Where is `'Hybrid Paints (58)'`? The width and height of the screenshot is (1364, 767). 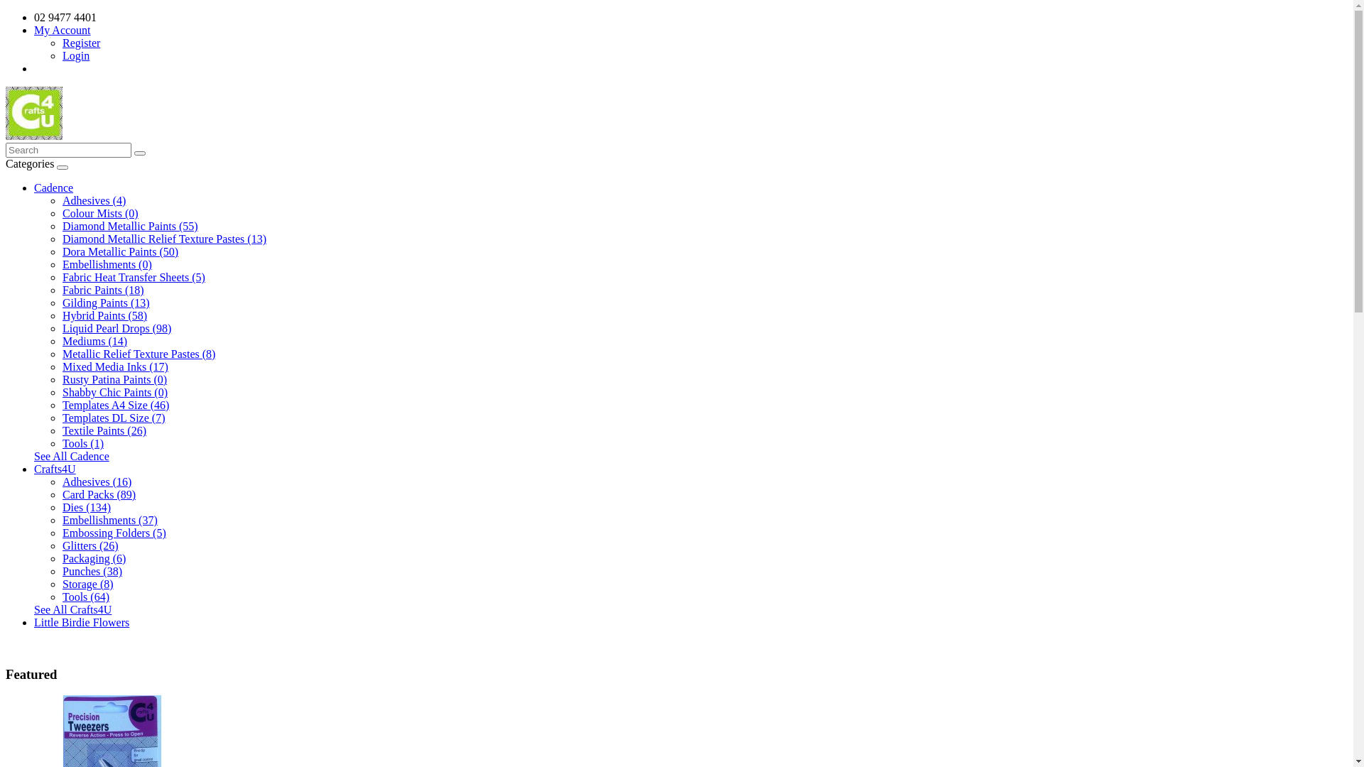 'Hybrid Paints (58)' is located at coordinates (61, 315).